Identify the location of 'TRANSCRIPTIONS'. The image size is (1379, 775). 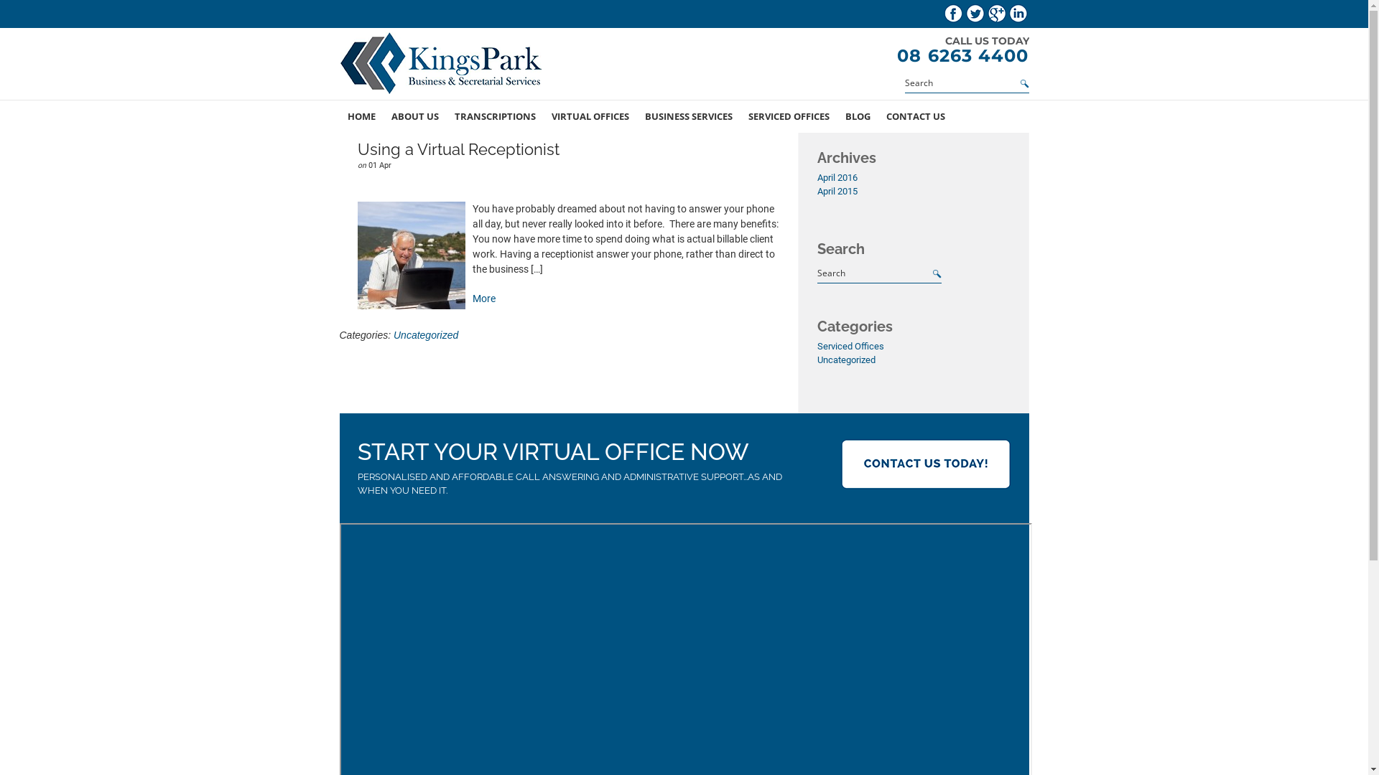
(446, 116).